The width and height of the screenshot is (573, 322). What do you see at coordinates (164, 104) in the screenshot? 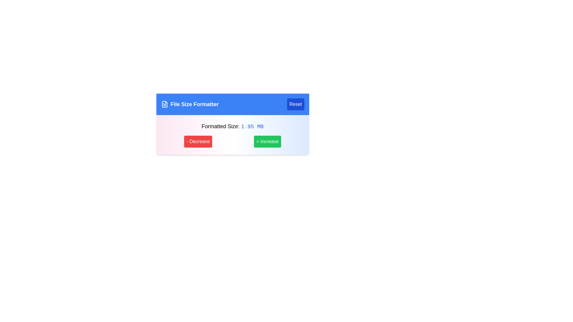
I see `the icon positioned at the top-left corner of the 'File Size Formatter' component, adjacent to the text 'File Size Formatter'` at bounding box center [164, 104].